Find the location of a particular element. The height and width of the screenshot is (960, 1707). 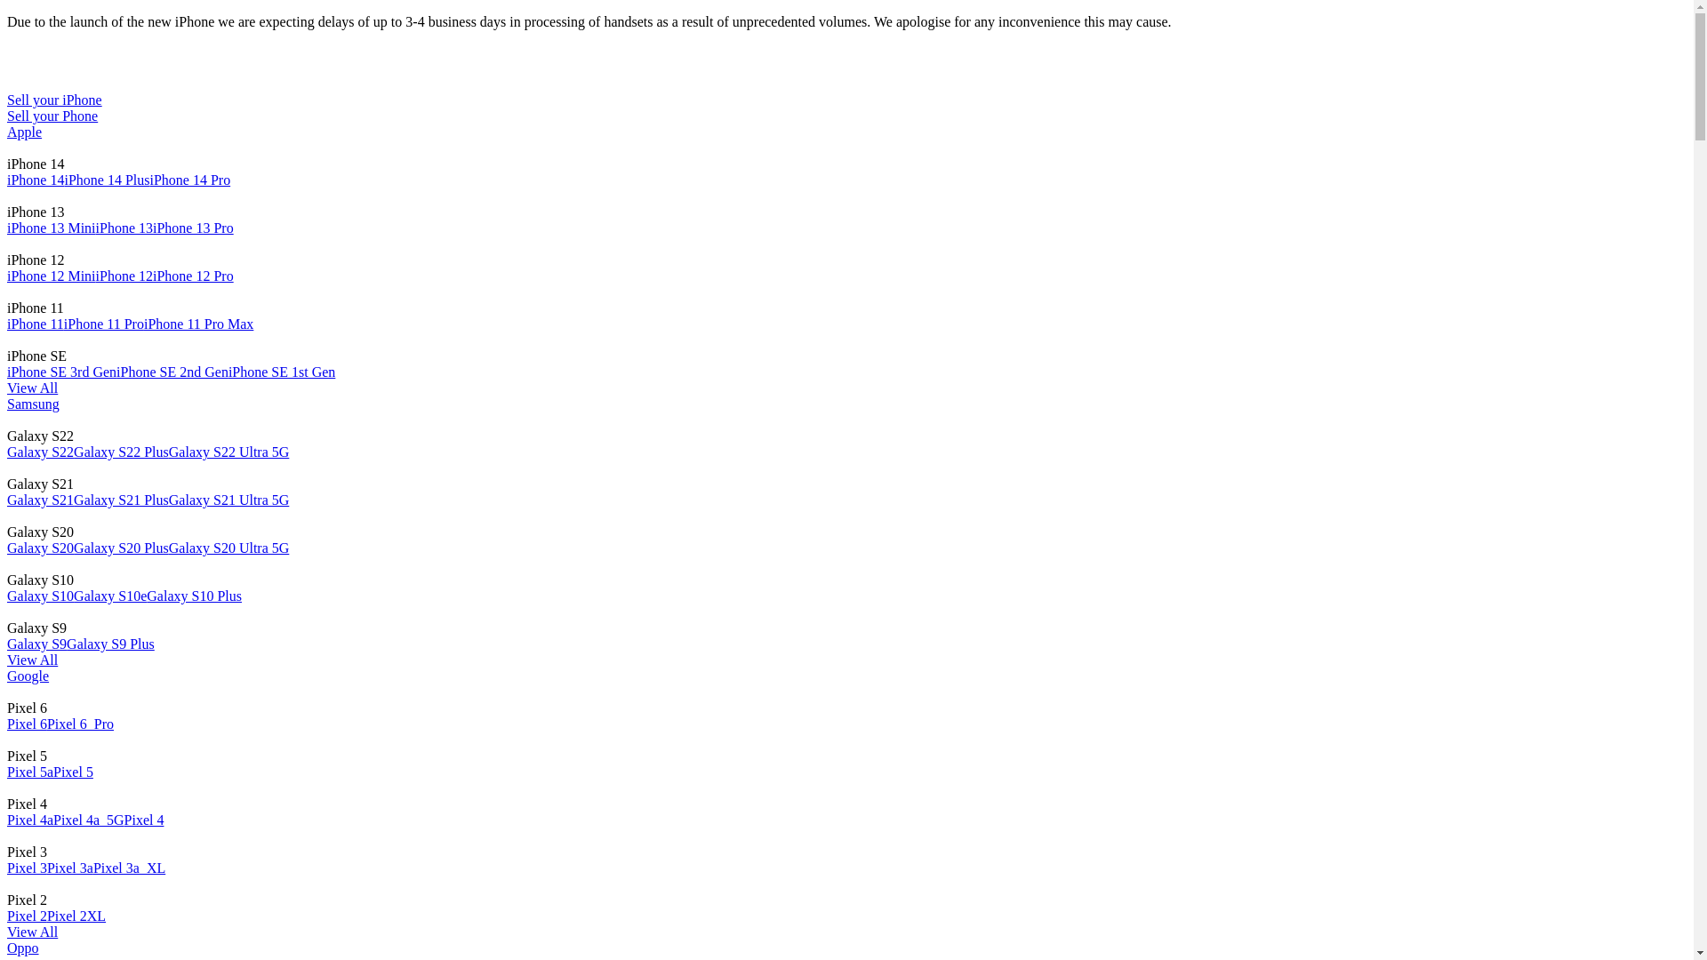

'Pixel 2XL' is located at coordinates (76, 916).